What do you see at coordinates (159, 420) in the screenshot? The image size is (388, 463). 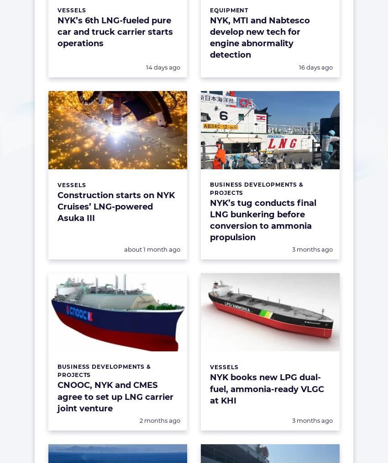 I see `'2 months ago'` at bounding box center [159, 420].